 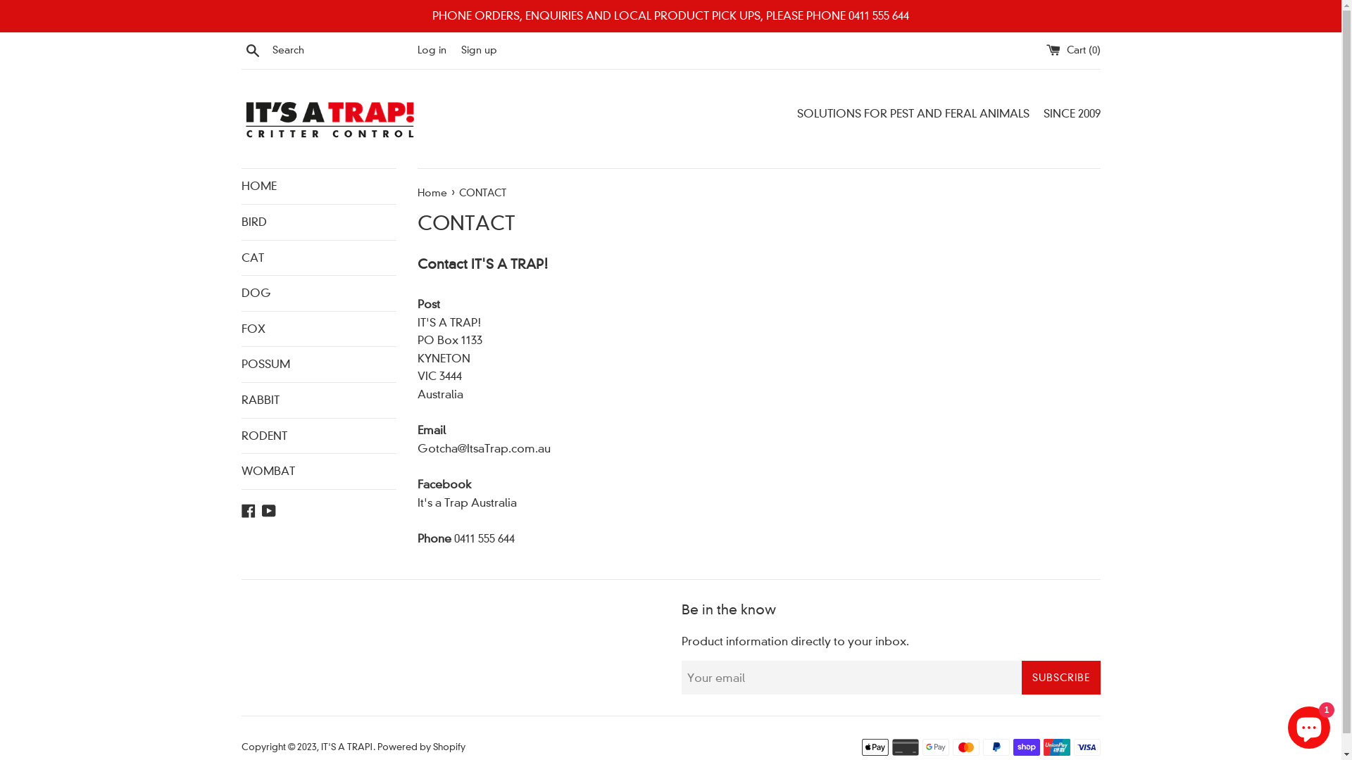 I want to click on 'Sign up', so click(x=478, y=49).